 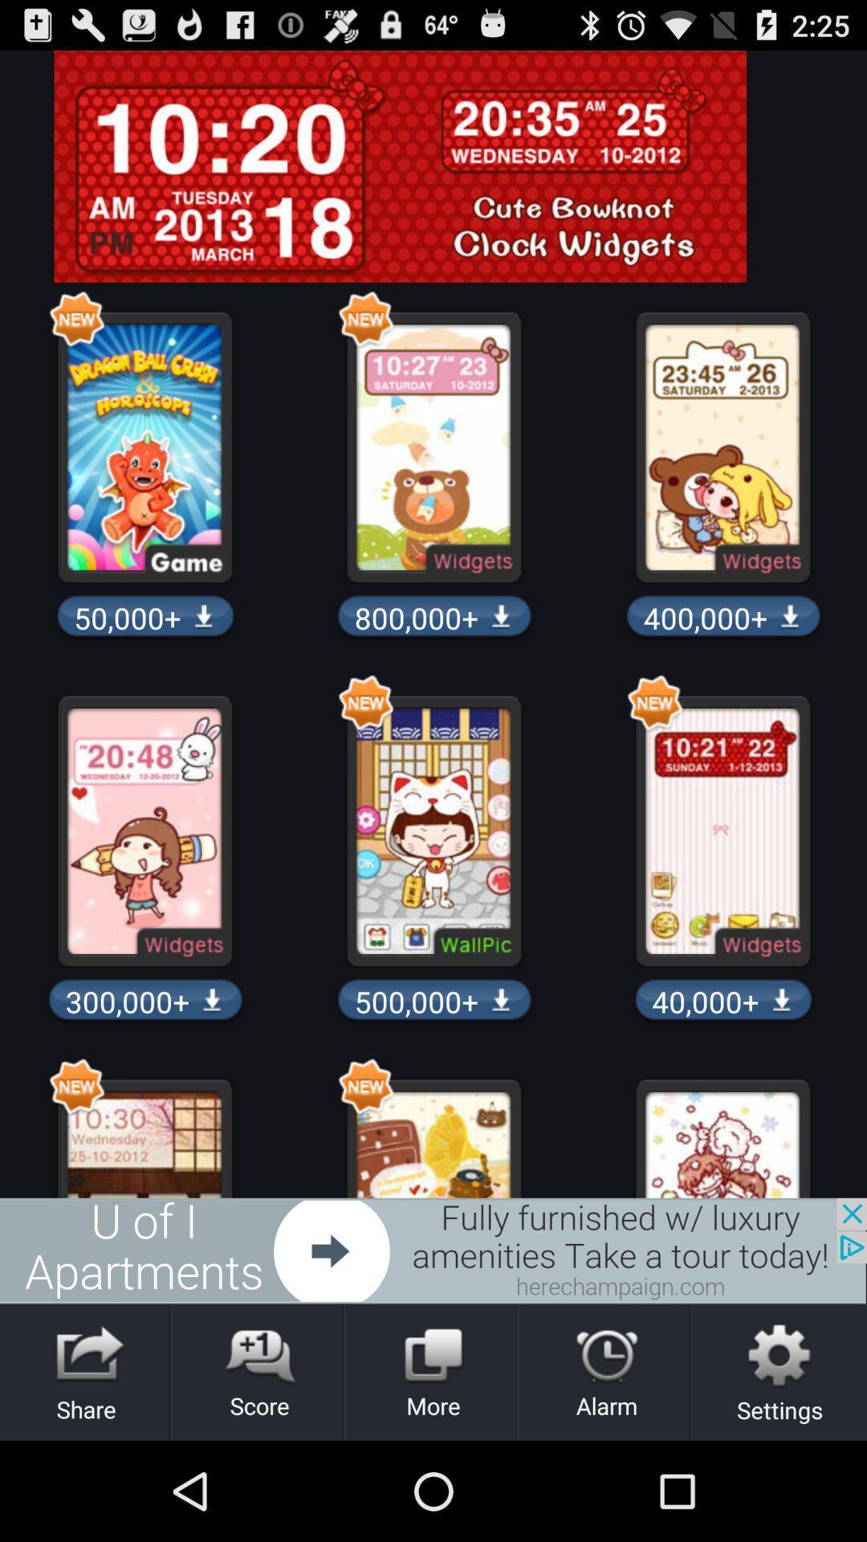 I want to click on the advertisement, so click(x=433, y=1250).